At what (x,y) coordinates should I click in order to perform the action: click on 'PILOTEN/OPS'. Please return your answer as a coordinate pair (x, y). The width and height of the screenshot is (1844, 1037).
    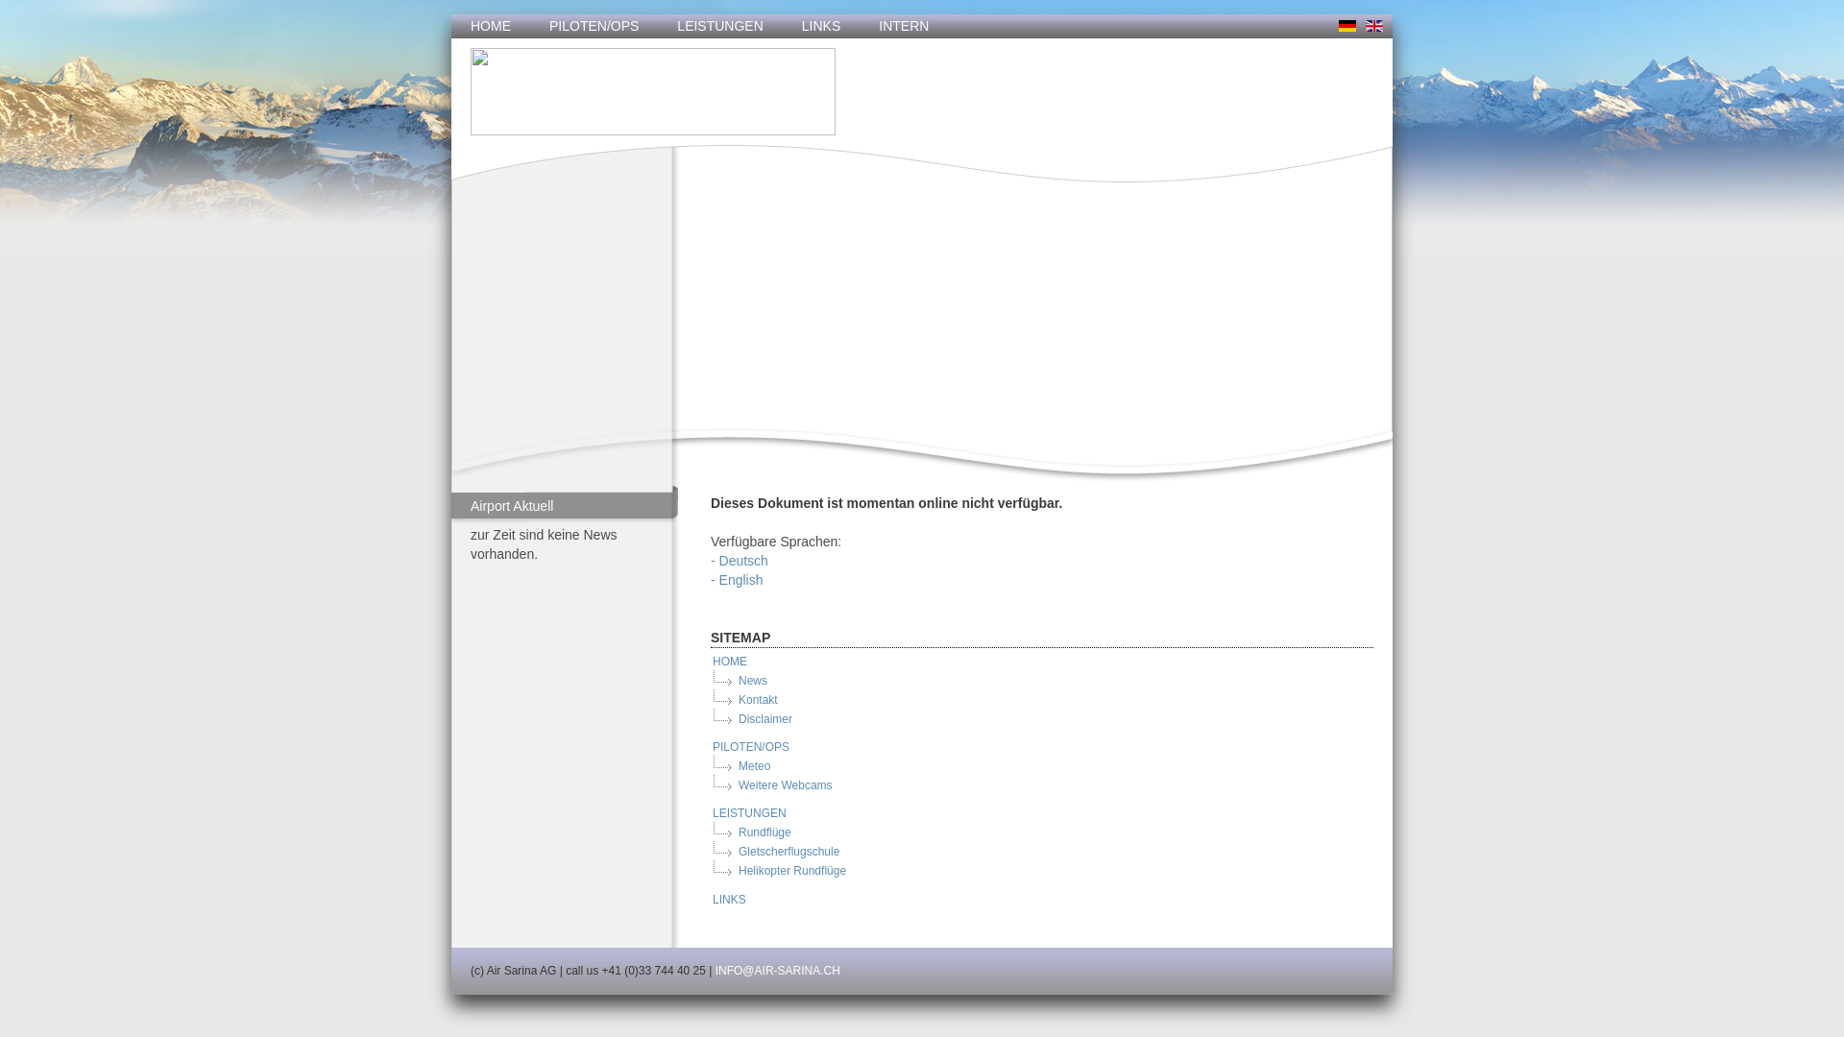
    Looking at the image, I should click on (593, 26).